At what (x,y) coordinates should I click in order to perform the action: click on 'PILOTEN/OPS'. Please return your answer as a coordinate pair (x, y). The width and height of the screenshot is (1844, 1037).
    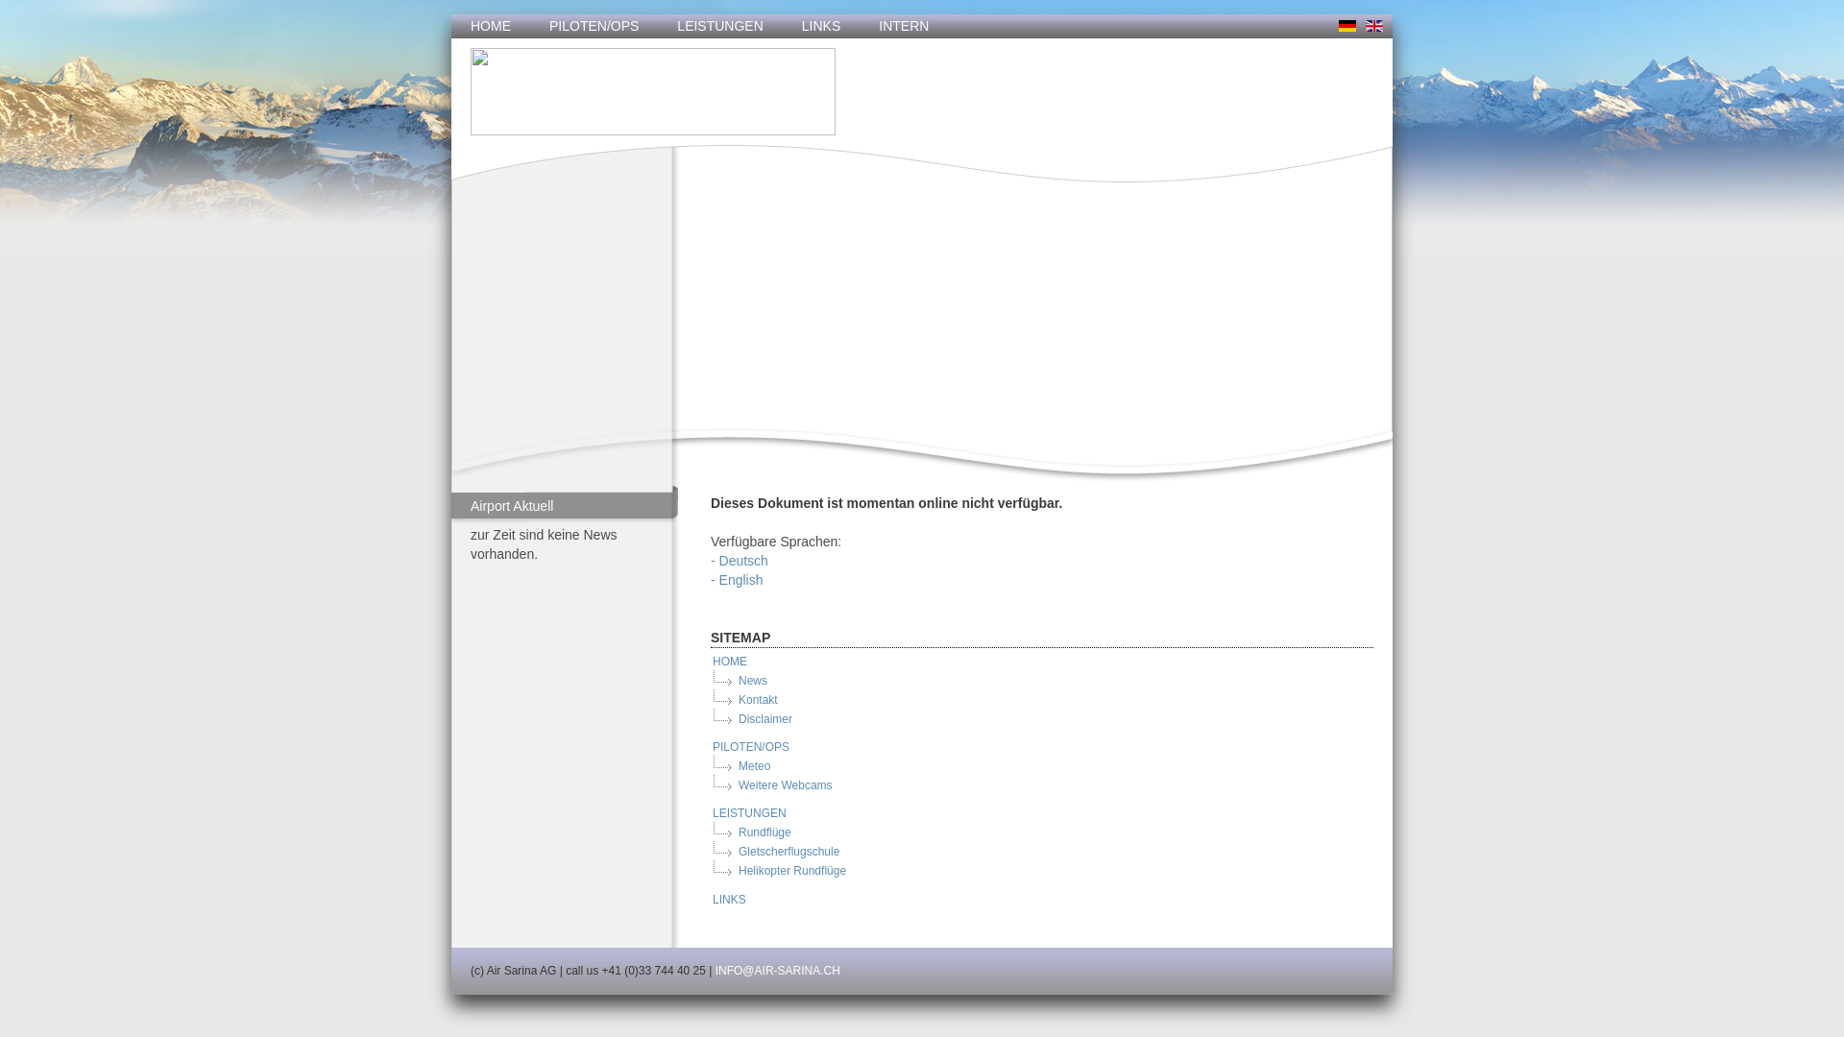
    Looking at the image, I should click on (593, 26).